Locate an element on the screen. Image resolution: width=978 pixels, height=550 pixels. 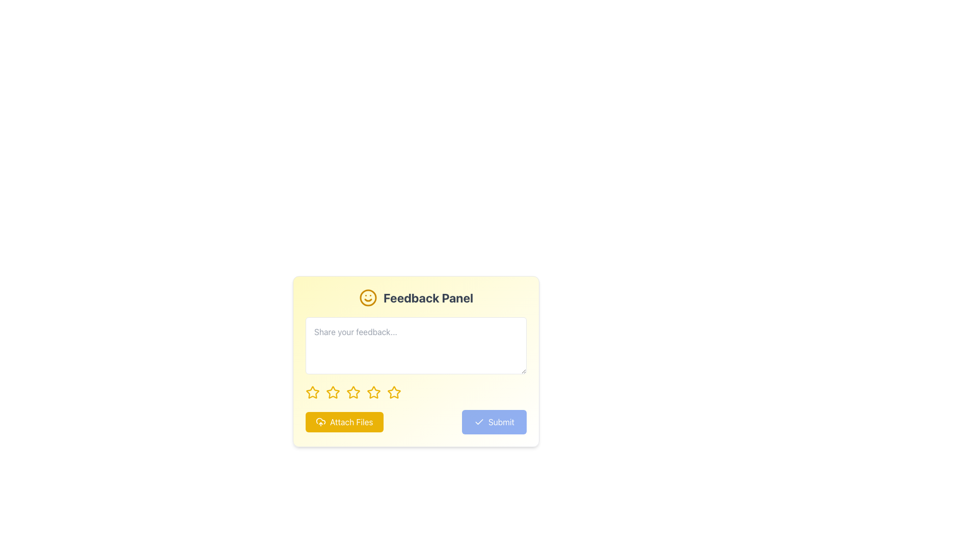
the second star icon used for rating purposes, located below the 'Share your feedback...' text box and above the 'Attach Files' button is located at coordinates (333, 392).